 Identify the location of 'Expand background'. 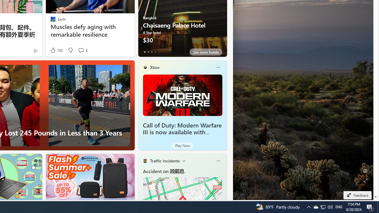
(365, 180).